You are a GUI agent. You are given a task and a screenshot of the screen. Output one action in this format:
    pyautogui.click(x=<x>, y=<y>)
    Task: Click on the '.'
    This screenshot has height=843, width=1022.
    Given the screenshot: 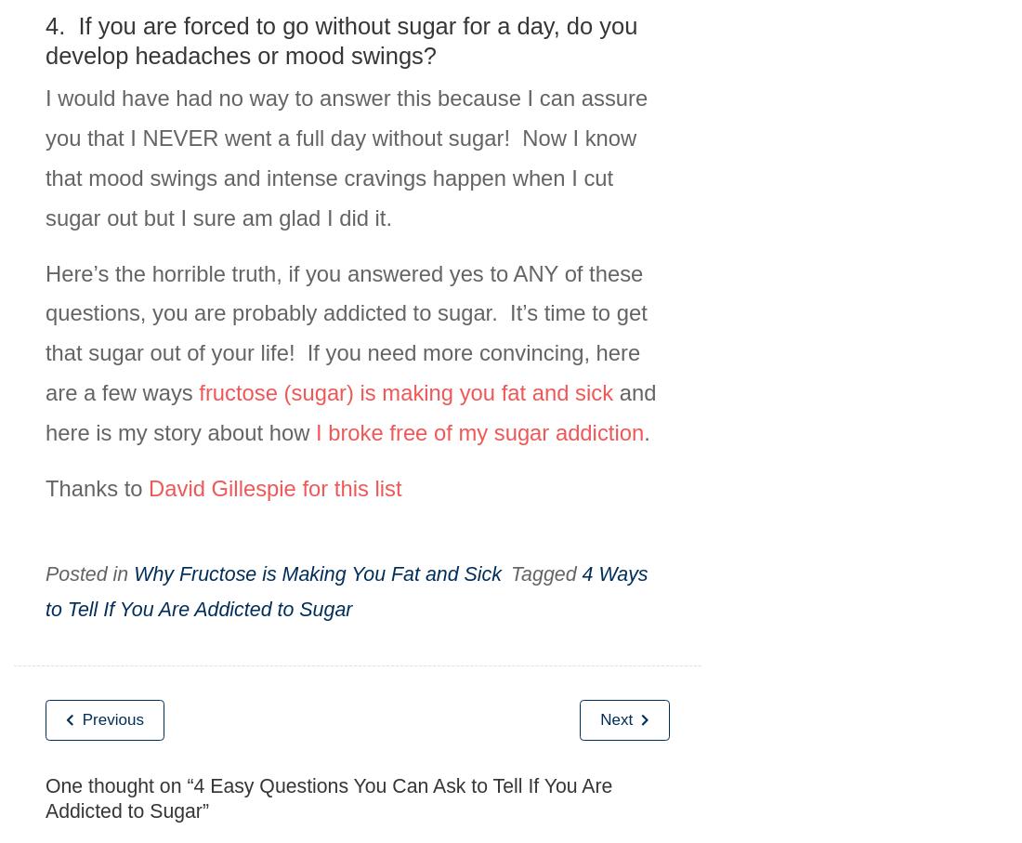 What is the action you would take?
    pyautogui.click(x=645, y=431)
    